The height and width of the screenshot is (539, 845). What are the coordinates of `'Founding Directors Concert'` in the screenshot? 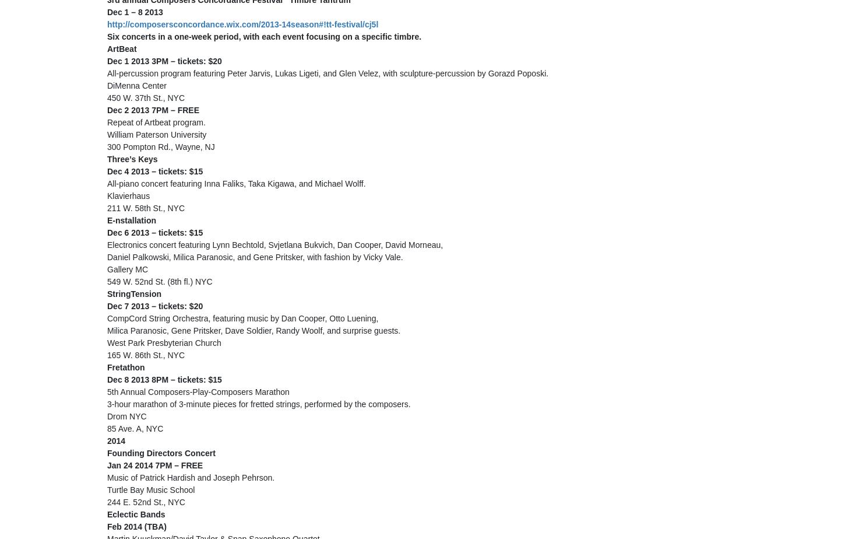 It's located at (162, 453).